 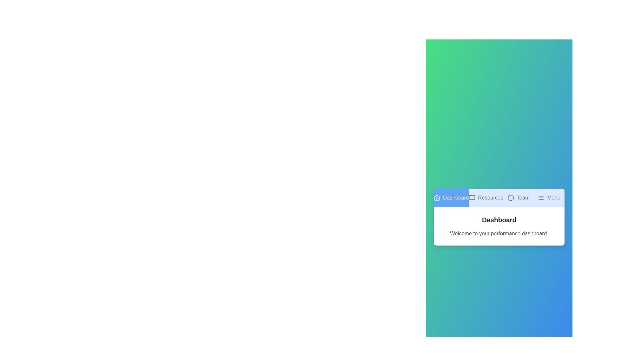 I want to click on the tab Dashboard by clicking on its corresponding button, so click(x=451, y=197).